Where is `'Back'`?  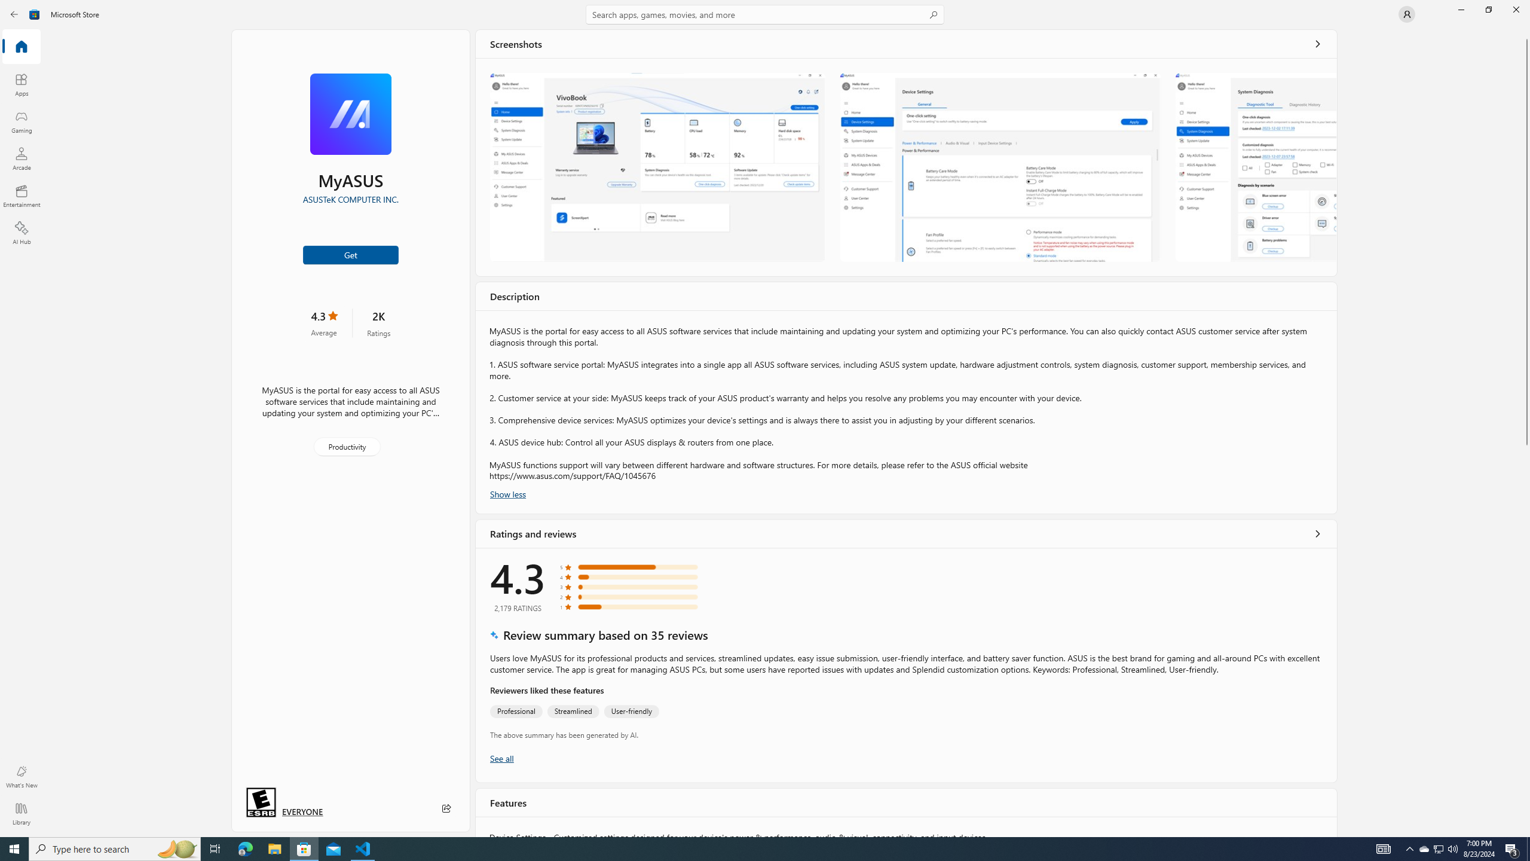
'Back' is located at coordinates (14, 13).